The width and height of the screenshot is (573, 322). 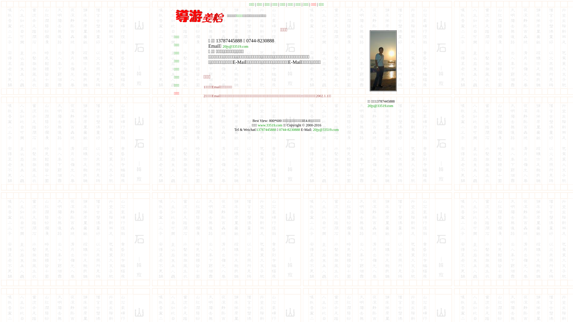 What do you see at coordinates (258, 125) in the screenshot?
I see `'www.33519.com'` at bounding box center [258, 125].